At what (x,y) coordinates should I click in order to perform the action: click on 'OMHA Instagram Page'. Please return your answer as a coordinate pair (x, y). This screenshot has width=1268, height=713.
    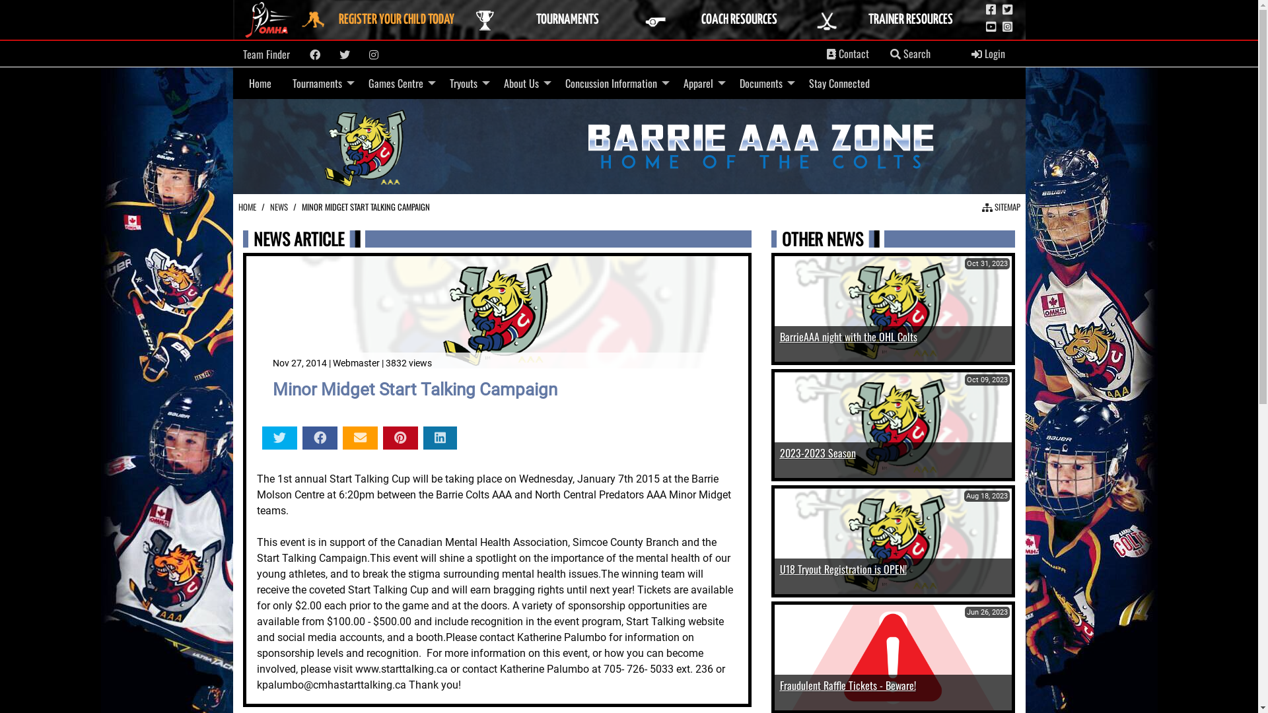
    Looking at the image, I should click on (1002, 27).